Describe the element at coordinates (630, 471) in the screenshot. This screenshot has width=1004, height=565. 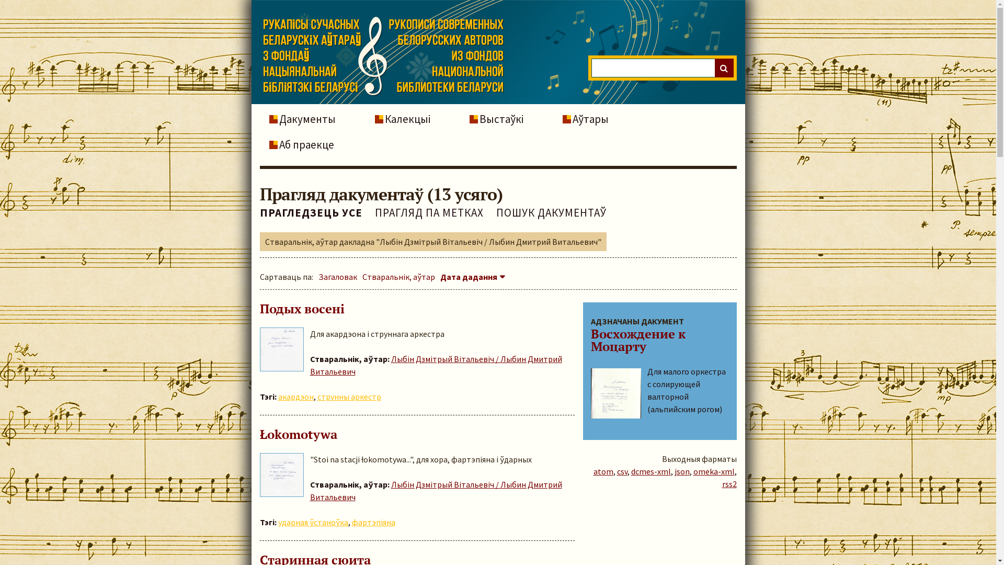
I see `'dcmes-xml'` at that location.